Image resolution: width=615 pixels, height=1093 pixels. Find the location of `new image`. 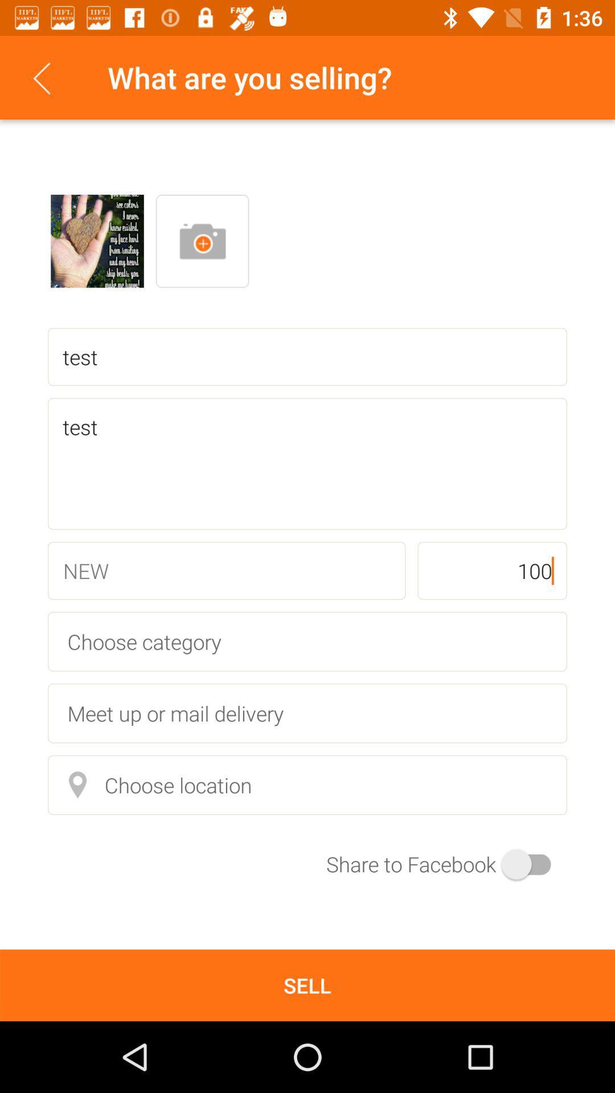

new image is located at coordinates (202, 240).